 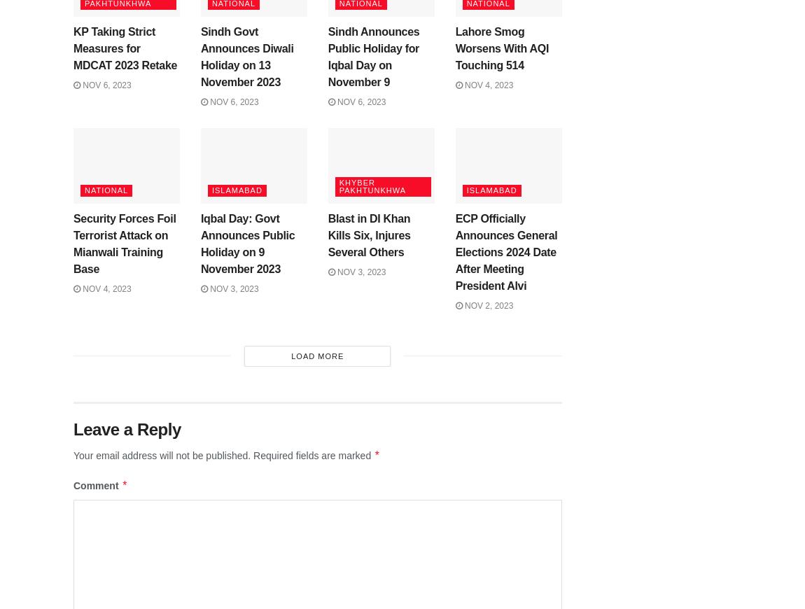 I want to click on 'Blast in DI Khan Kills Six, Injures Several Others', so click(x=328, y=235).